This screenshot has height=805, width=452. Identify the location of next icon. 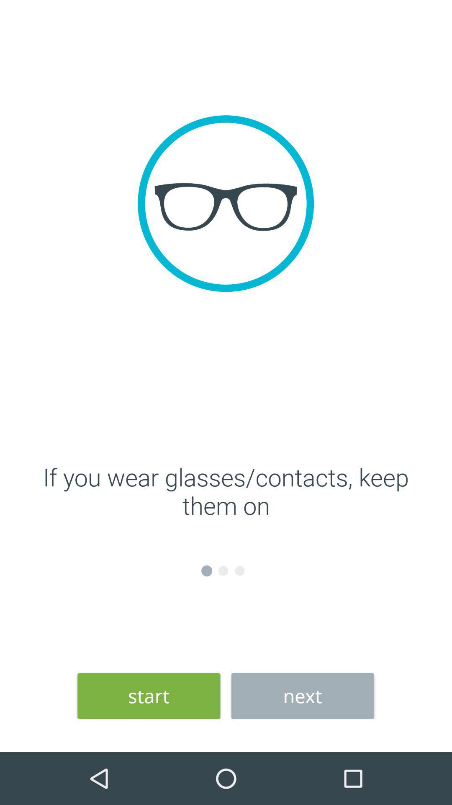
(303, 696).